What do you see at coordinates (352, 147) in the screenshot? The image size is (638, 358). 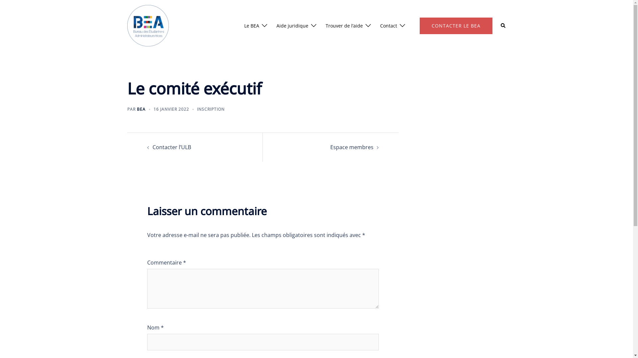 I see `'Espace membres'` at bounding box center [352, 147].